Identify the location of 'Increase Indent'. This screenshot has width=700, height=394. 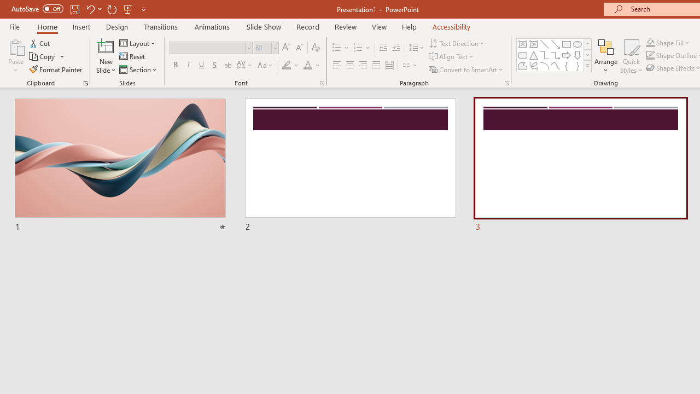
(396, 47).